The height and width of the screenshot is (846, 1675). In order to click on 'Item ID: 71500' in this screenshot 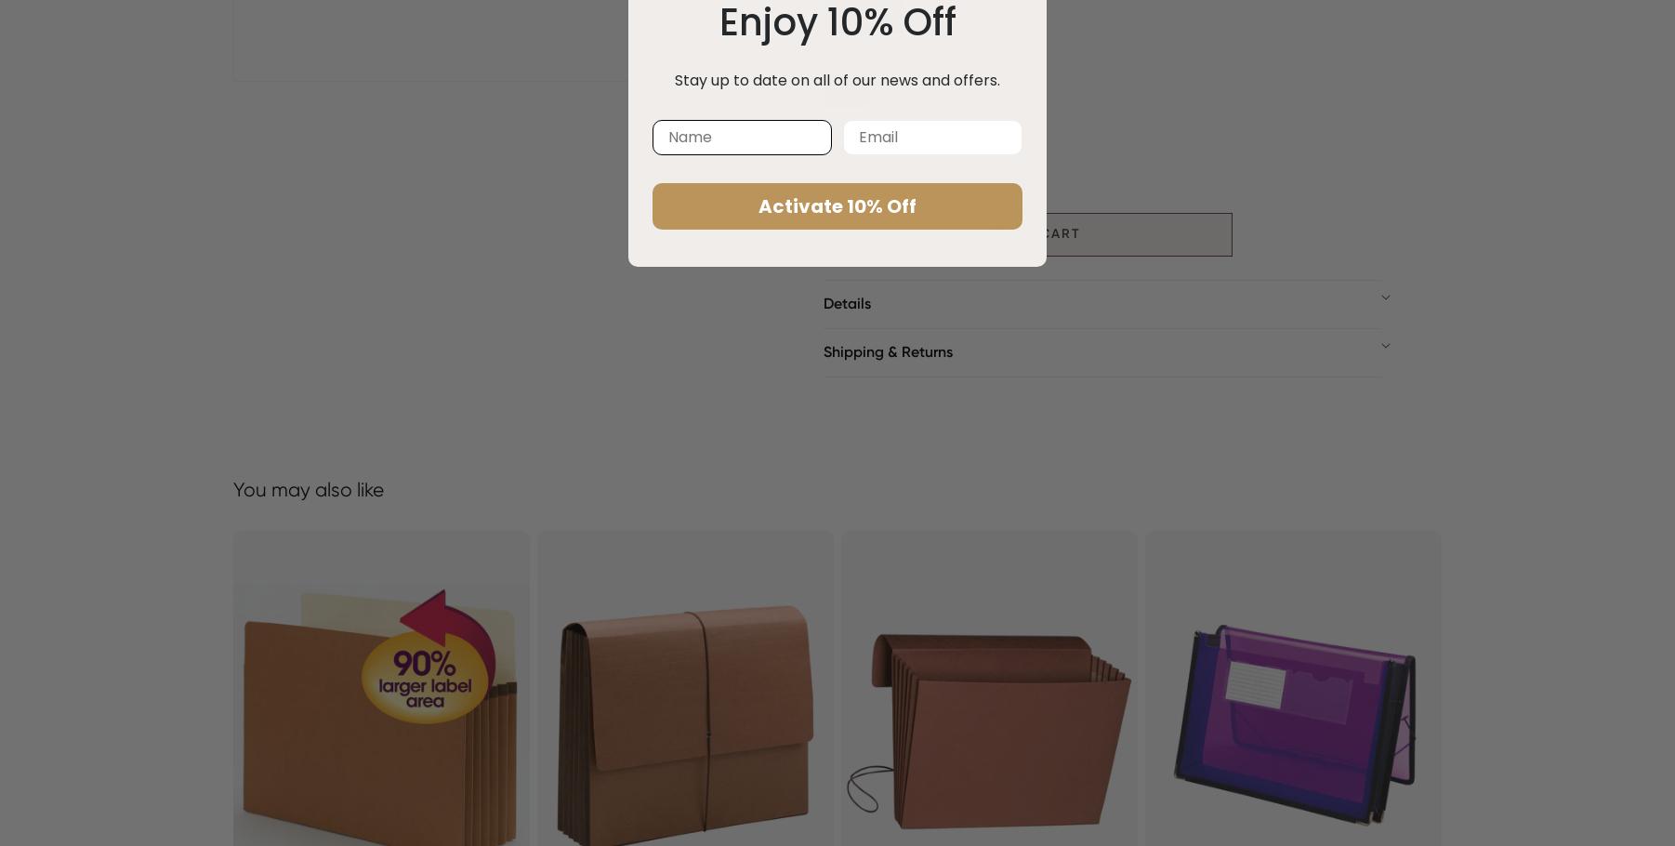, I will do `click(824, 339)`.